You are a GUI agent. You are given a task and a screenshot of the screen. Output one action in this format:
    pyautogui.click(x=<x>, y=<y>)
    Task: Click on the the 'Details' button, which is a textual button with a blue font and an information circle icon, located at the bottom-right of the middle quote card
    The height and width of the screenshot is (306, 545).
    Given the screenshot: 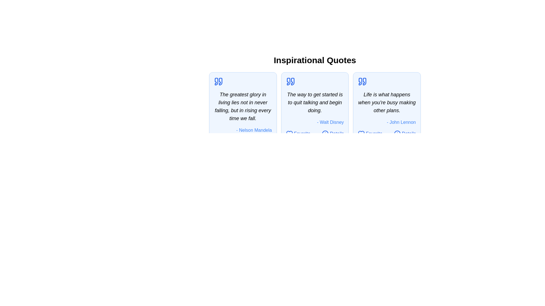 What is the action you would take?
    pyautogui.click(x=333, y=133)
    